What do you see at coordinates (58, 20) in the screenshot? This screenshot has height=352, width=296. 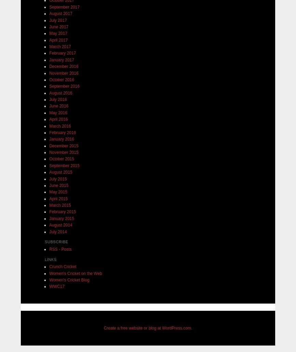 I see `'July 2017'` at bounding box center [58, 20].